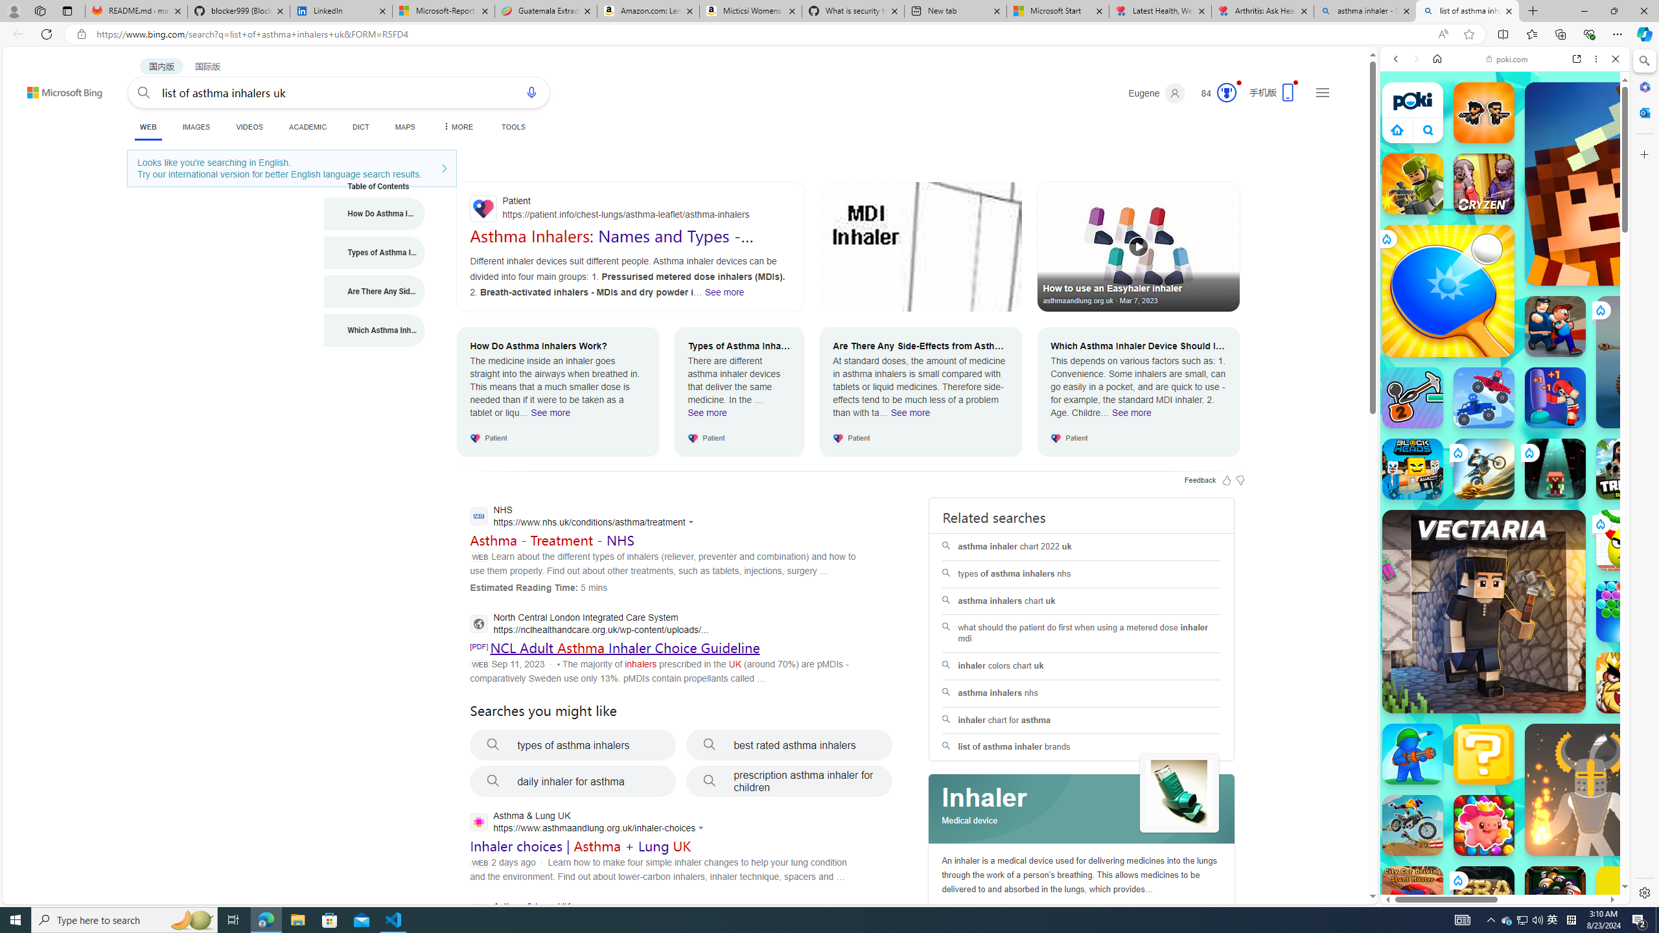 The height and width of the screenshot is (933, 1659). What do you see at coordinates (143, 91) in the screenshot?
I see `'Search button'` at bounding box center [143, 91].